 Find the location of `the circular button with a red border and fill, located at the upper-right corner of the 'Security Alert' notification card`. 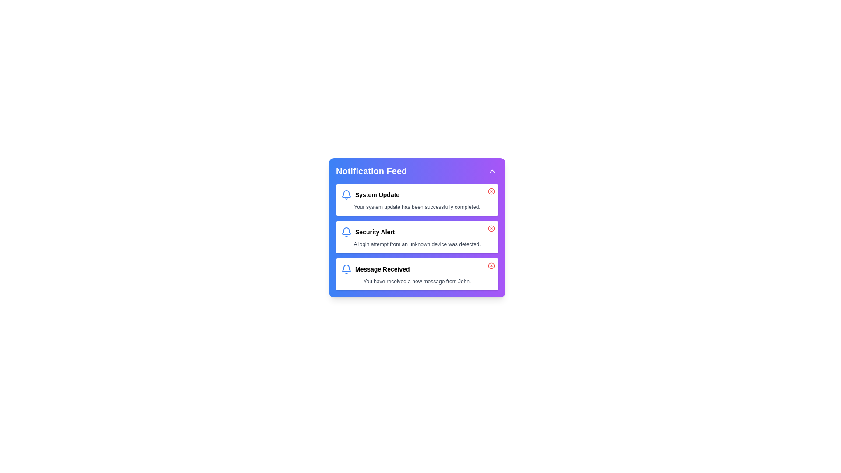

the circular button with a red border and fill, located at the upper-right corner of the 'Security Alert' notification card is located at coordinates (491, 228).